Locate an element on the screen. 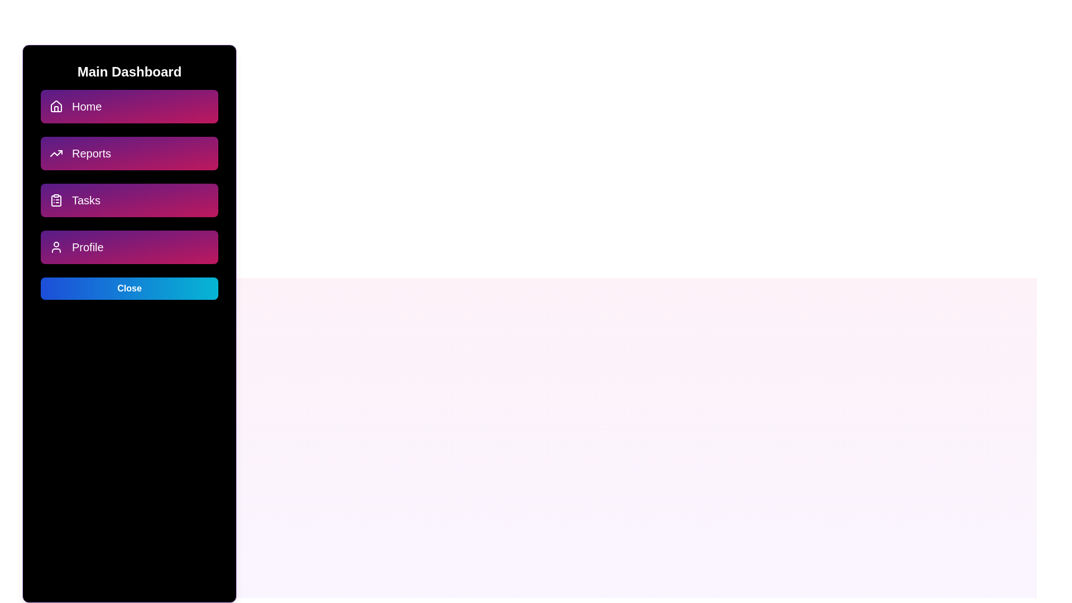 Image resolution: width=1072 pixels, height=603 pixels. the close button to close the menu is located at coordinates (129, 288).